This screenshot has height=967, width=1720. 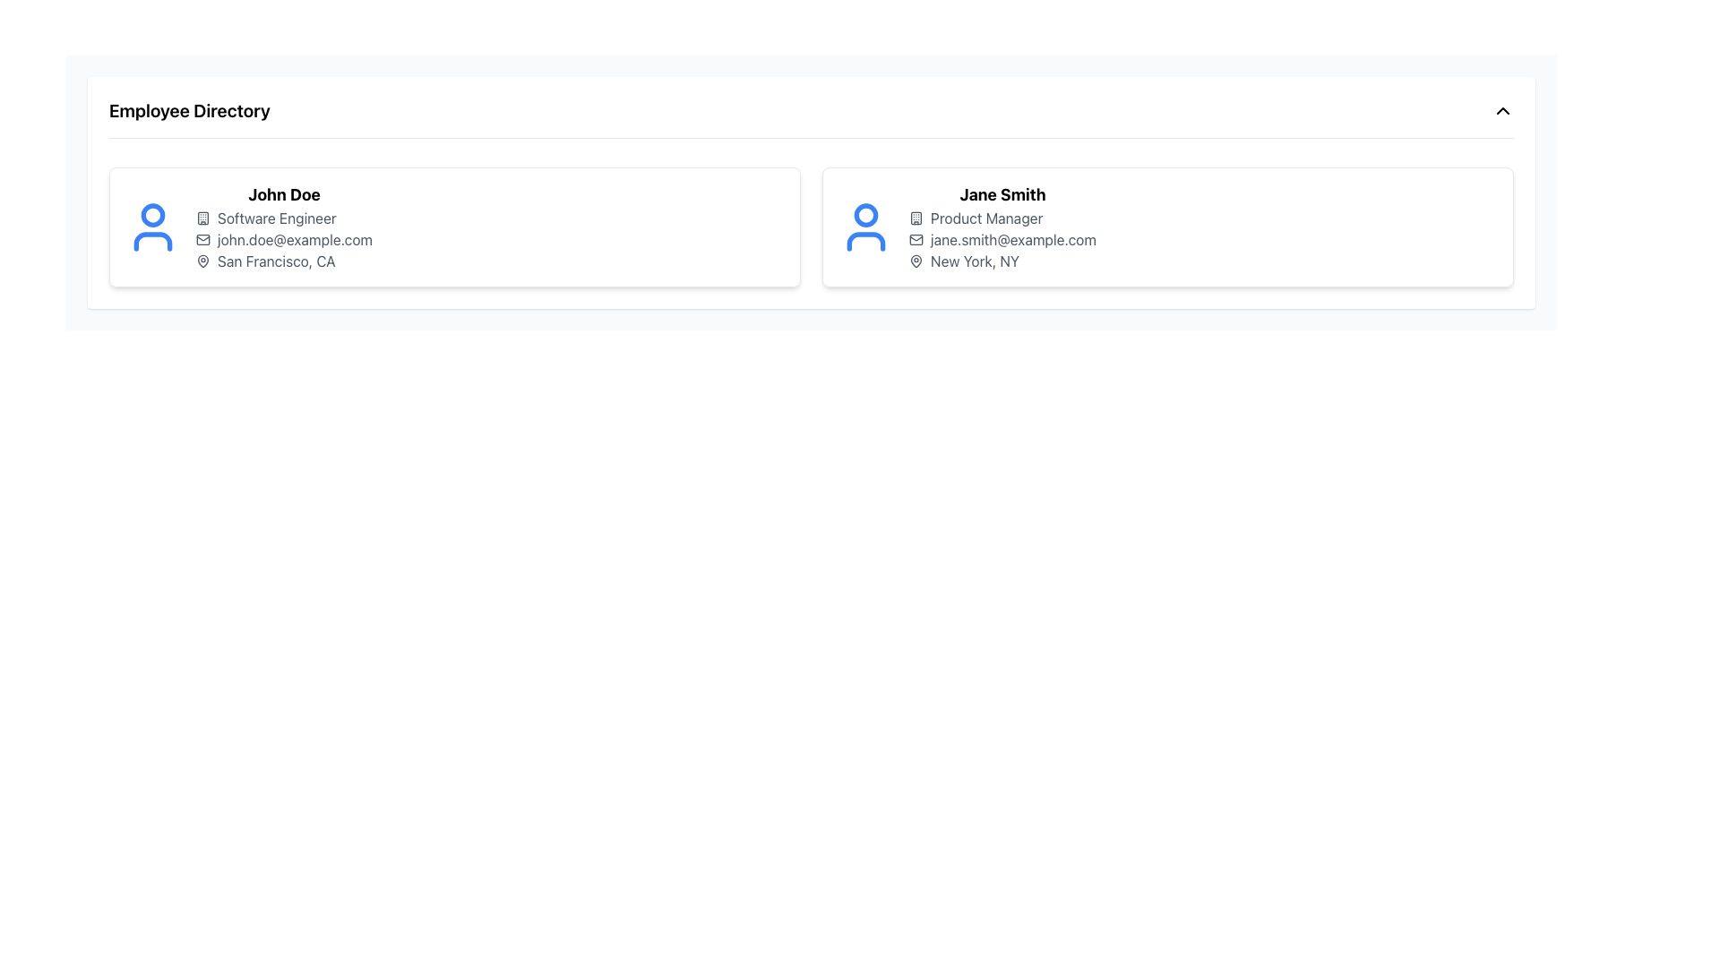 I want to click on the circular SVG graphic element representing the head in Jane Smith's user profile icon located in the header of the second profile card, so click(x=865, y=213).